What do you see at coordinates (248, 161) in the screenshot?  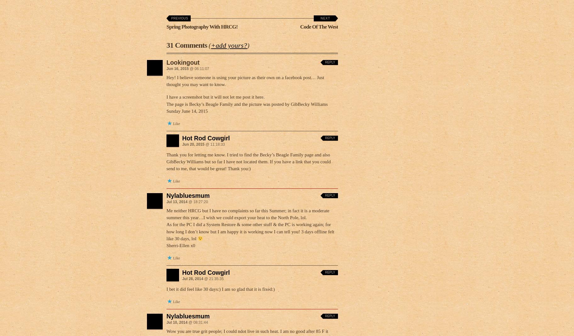 I see `'Thank you for letting me know. I tried to find the Becky’s Beagle Family page and also GibBecky Williams but so far I have not located them. If you have a link that you could send to me, that would be great! Thank you:)'` at bounding box center [248, 161].